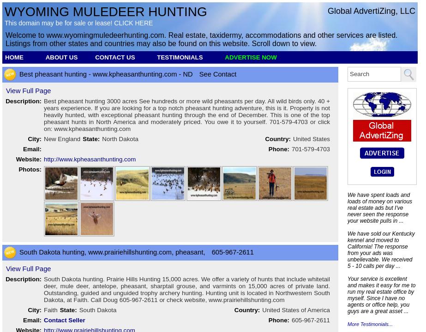 The height and width of the screenshot is (332, 426). Describe the element at coordinates (45, 57) in the screenshot. I see `'ABOUT US'` at that location.